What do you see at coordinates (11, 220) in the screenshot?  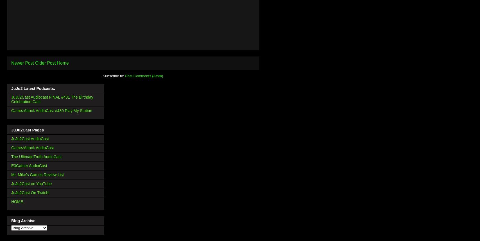 I see `'Blog Archive'` at bounding box center [11, 220].